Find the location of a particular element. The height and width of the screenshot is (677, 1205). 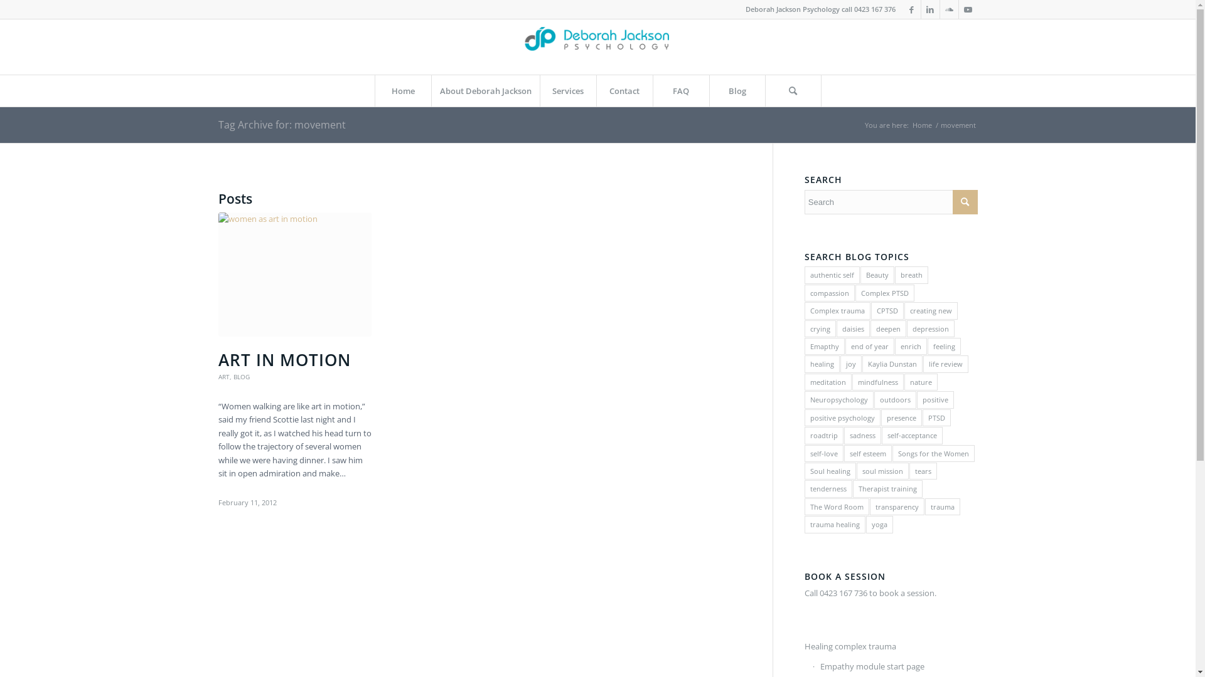

'self esteem' is located at coordinates (867, 453).